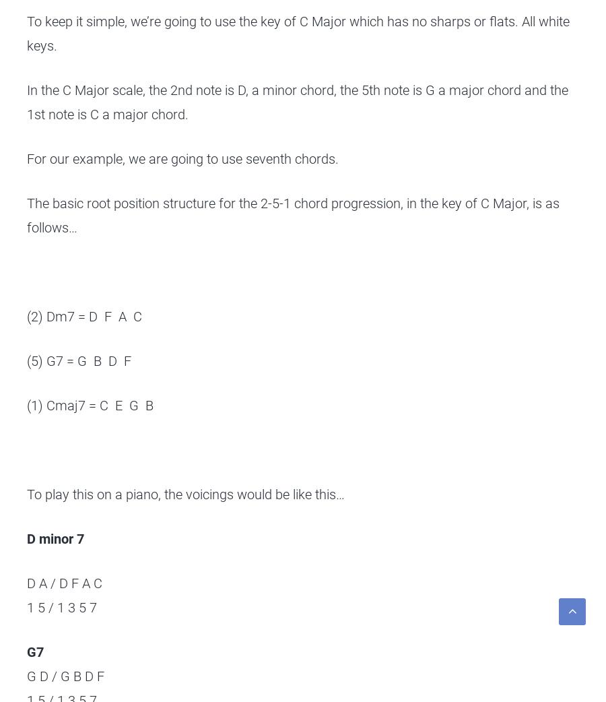 The height and width of the screenshot is (702, 606). What do you see at coordinates (26, 360) in the screenshot?
I see `'(5) G7 = G  B  D  F'` at bounding box center [26, 360].